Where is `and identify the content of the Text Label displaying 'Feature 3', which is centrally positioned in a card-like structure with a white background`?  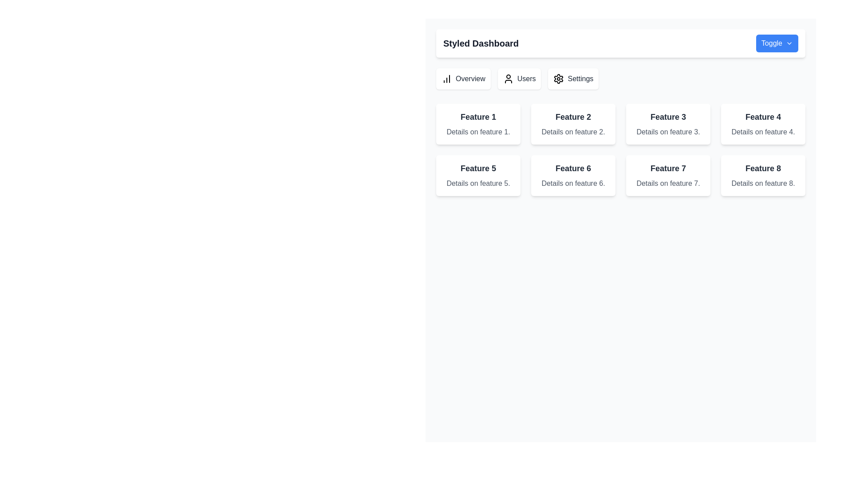 and identify the content of the Text Label displaying 'Feature 3', which is centrally positioned in a card-like structure with a white background is located at coordinates (668, 116).